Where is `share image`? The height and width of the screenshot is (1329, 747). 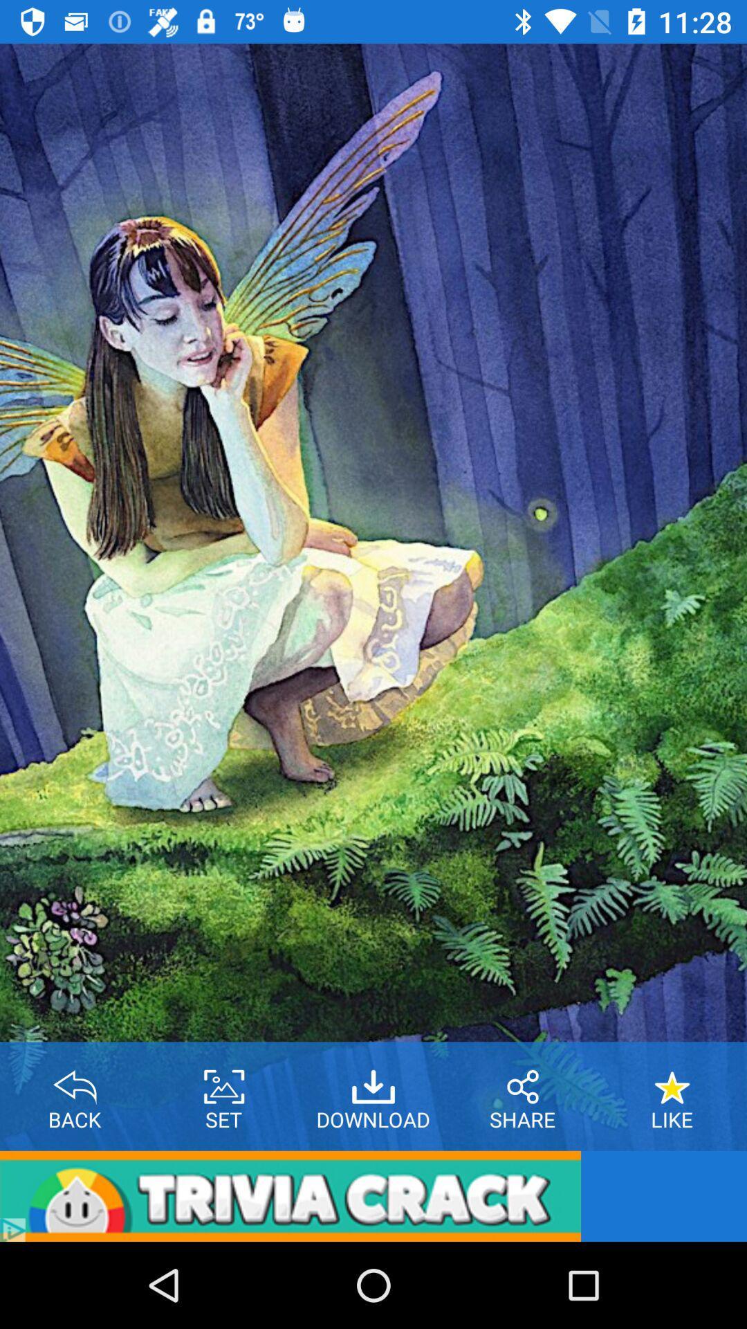
share image is located at coordinates (523, 1081).